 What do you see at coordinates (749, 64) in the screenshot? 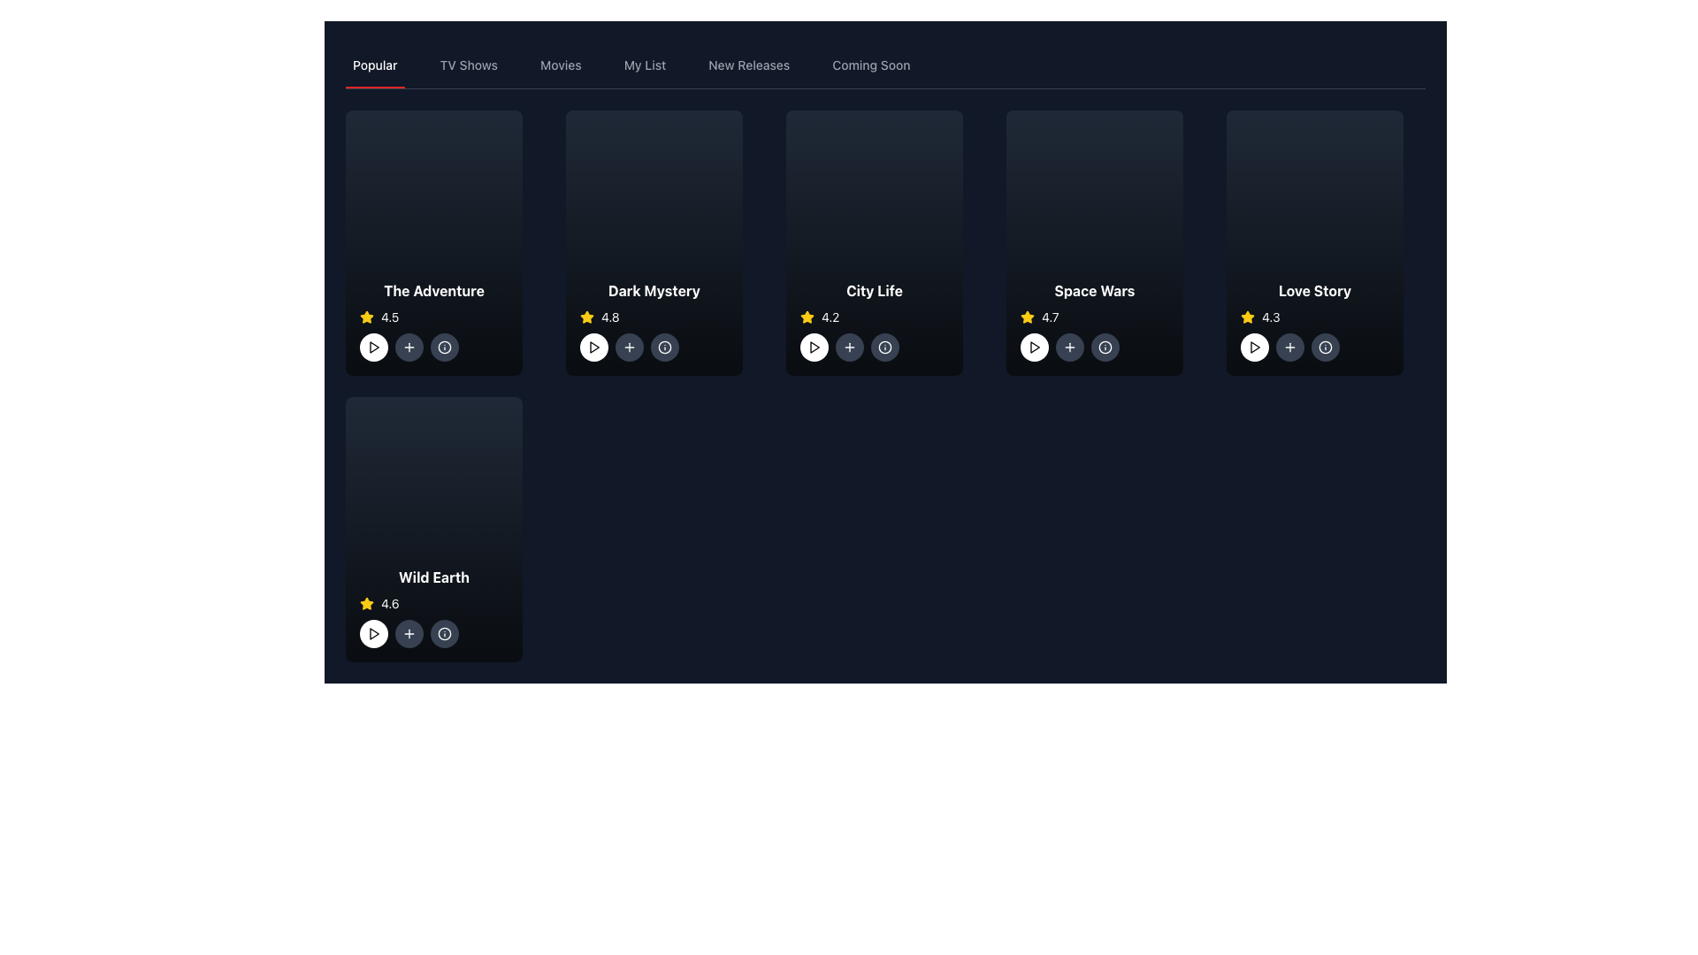
I see `the interactive text button for 'New Releases' located in the horizontal navigation bar, positioned between 'My List' and 'Coming Soon'` at bounding box center [749, 64].